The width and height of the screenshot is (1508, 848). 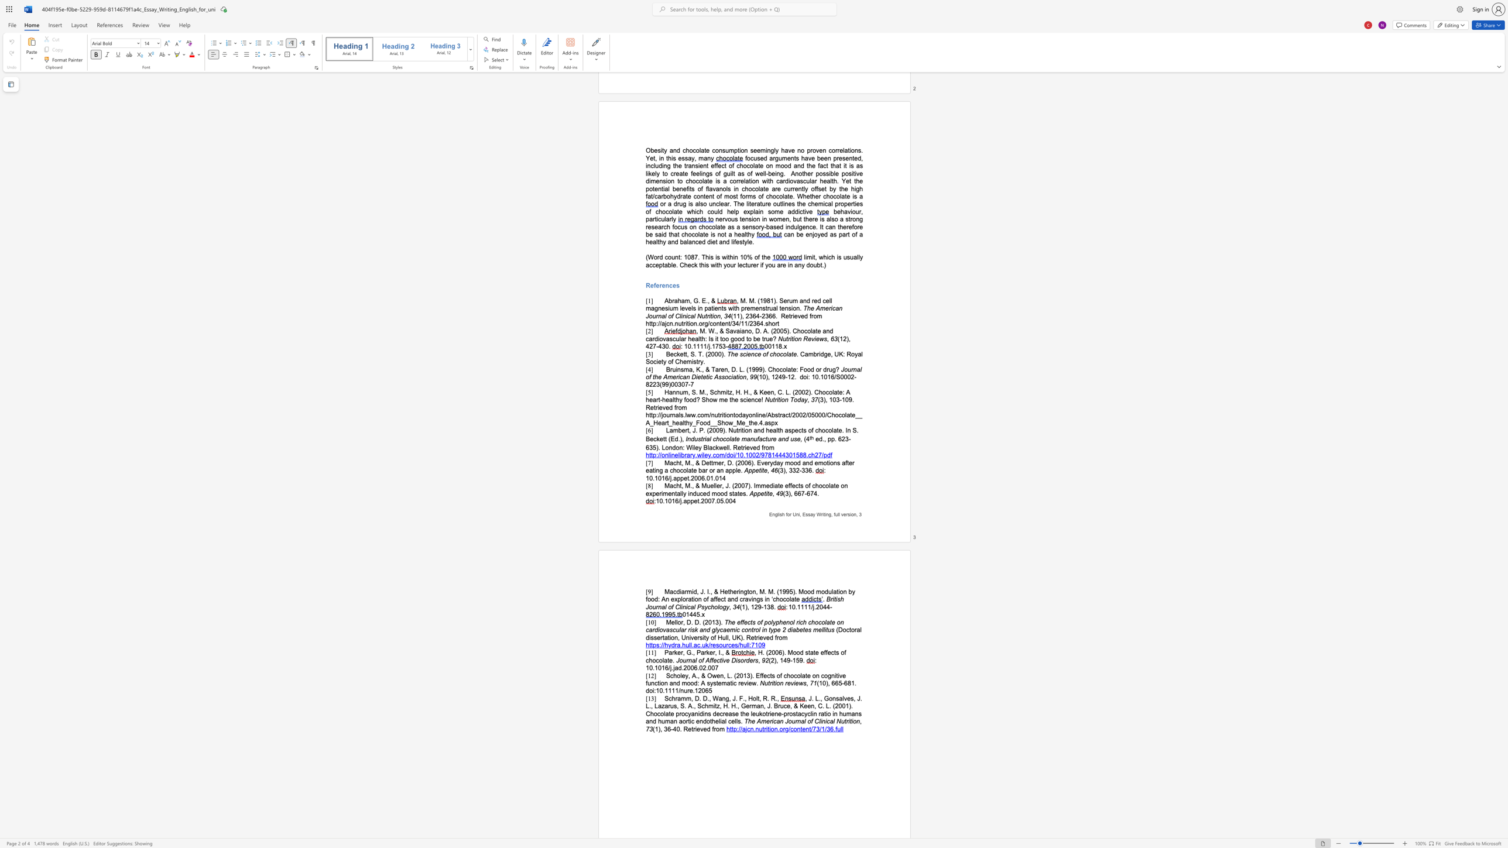 What do you see at coordinates (777, 471) in the screenshot?
I see `the subset text "(3), 332-336." within the text "(3), 332-336."` at bounding box center [777, 471].